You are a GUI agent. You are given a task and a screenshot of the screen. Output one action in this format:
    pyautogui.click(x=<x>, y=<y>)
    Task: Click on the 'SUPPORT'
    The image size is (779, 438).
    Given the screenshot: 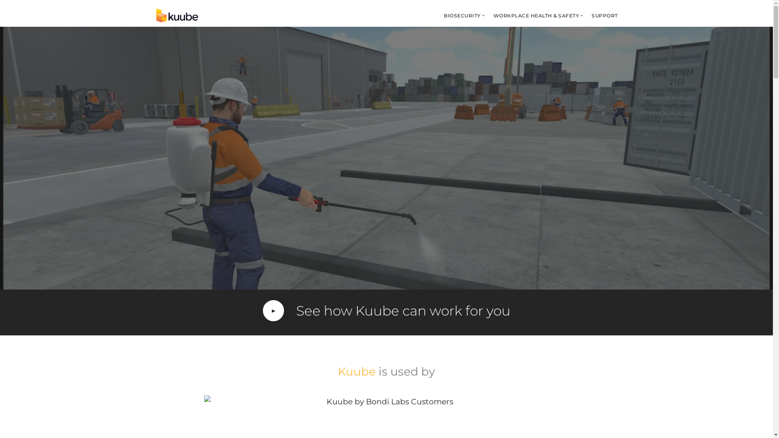 What is the action you would take?
    pyautogui.click(x=605, y=15)
    